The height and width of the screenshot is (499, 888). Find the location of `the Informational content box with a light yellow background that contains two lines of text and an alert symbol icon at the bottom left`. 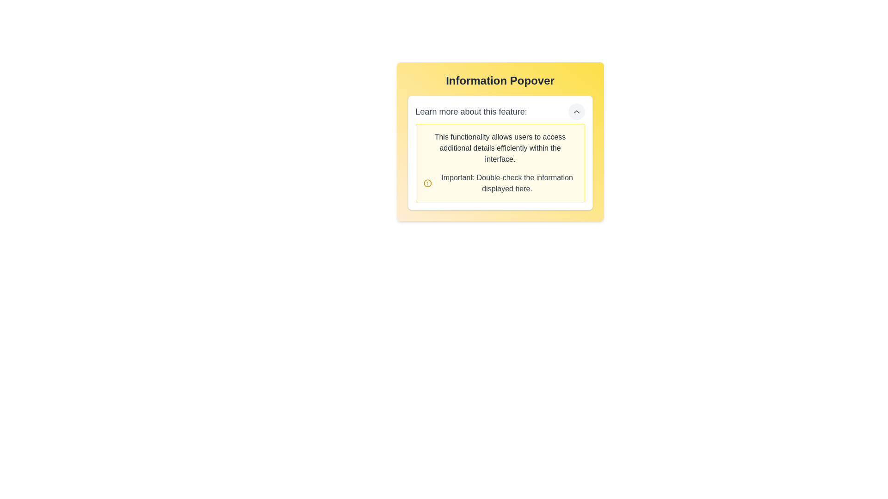

the Informational content box with a light yellow background that contains two lines of text and an alert symbol icon at the bottom left is located at coordinates (499, 163).